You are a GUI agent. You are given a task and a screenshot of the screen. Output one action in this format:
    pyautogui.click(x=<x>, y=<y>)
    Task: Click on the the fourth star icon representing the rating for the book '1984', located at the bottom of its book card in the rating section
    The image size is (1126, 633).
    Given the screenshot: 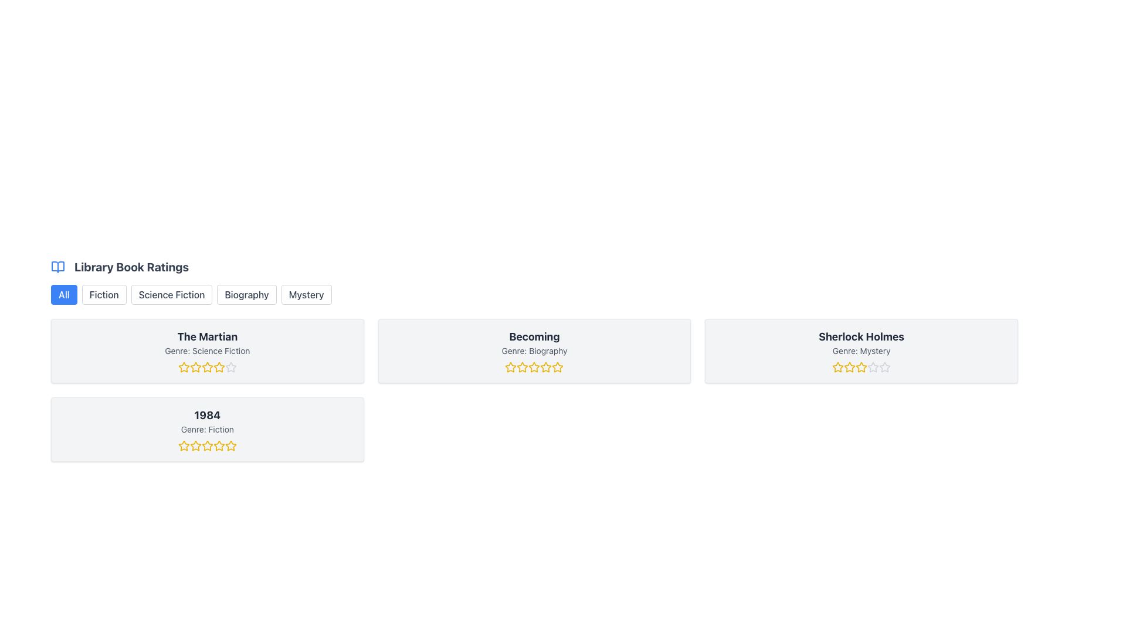 What is the action you would take?
    pyautogui.click(x=207, y=445)
    